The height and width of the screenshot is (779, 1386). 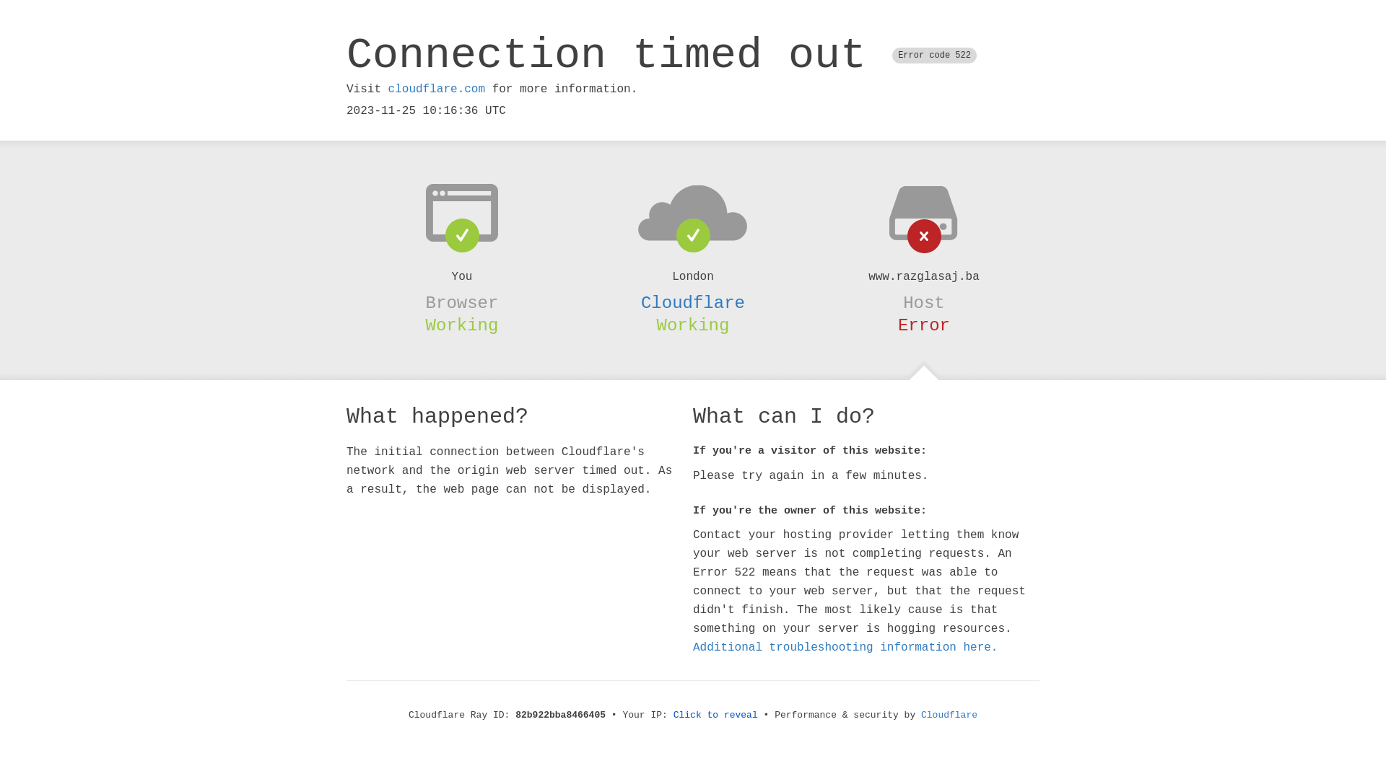 What do you see at coordinates (845, 647) in the screenshot?
I see `'Additional troubleshooting information here.'` at bounding box center [845, 647].